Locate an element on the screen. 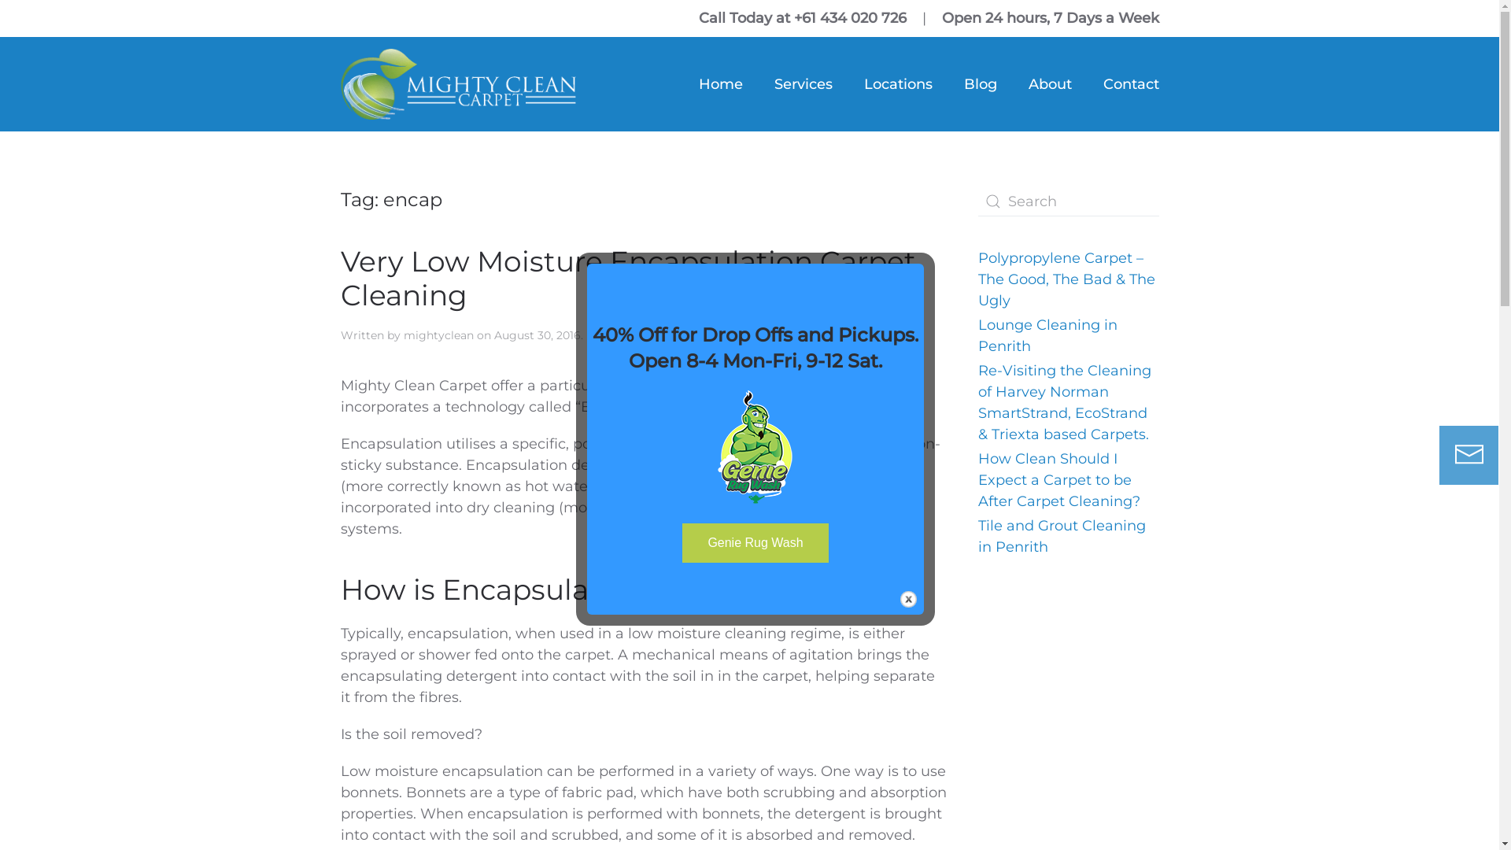 The image size is (1511, 850). 'Genie Rug Wash' is located at coordinates (754, 541).